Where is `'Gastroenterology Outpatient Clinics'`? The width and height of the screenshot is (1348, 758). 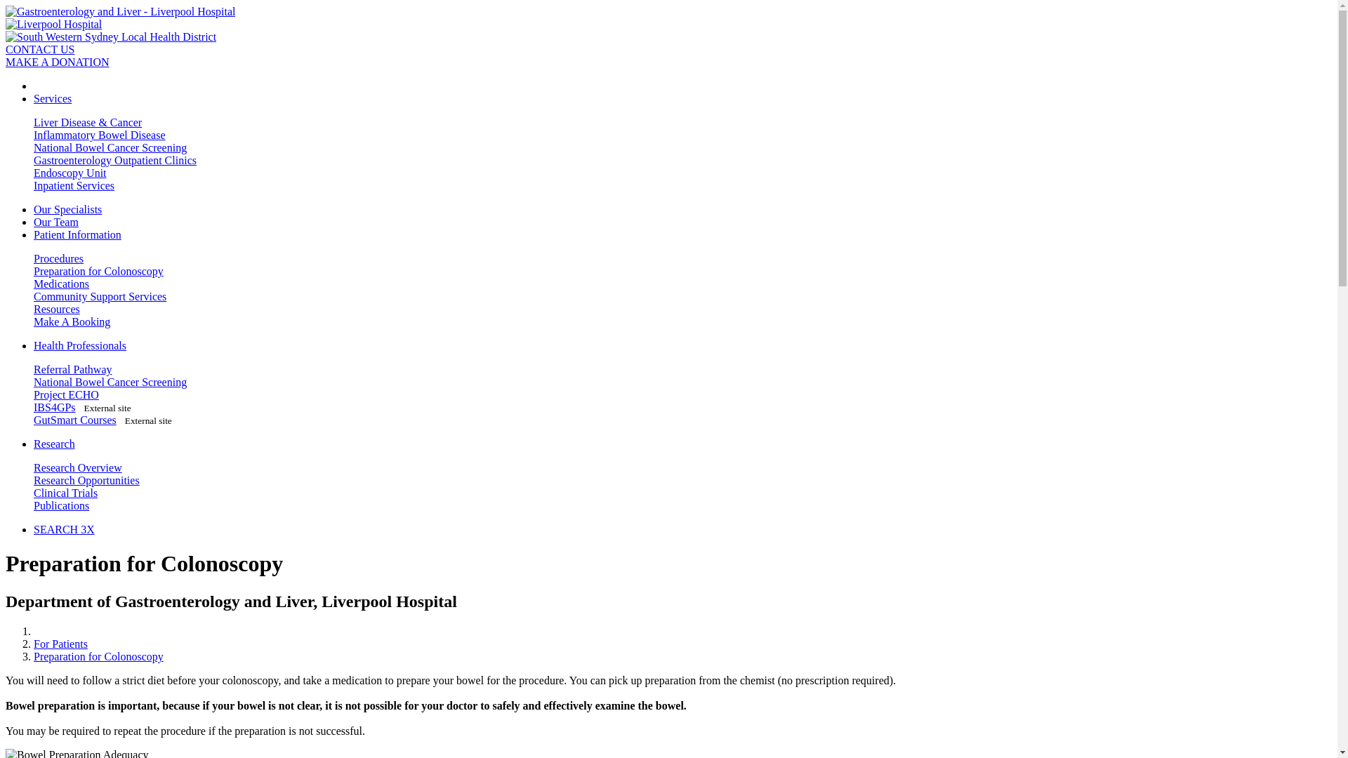 'Gastroenterology Outpatient Clinics' is located at coordinates (114, 159).